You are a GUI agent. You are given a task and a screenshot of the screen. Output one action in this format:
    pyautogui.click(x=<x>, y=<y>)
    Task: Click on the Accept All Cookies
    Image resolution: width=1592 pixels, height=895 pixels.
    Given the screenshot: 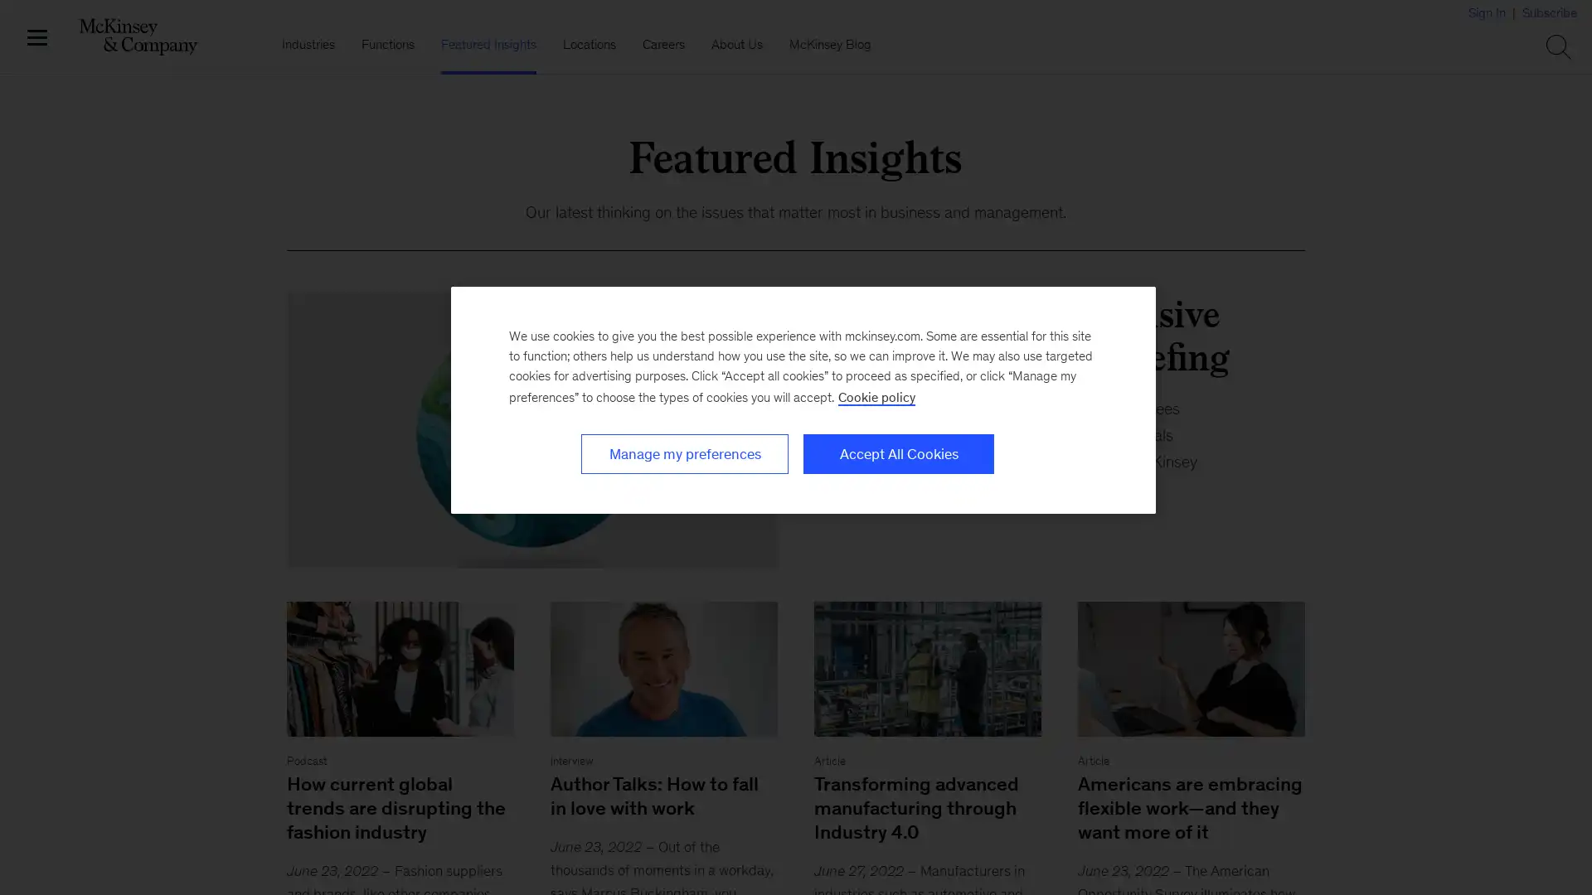 What is the action you would take?
    pyautogui.click(x=898, y=453)
    